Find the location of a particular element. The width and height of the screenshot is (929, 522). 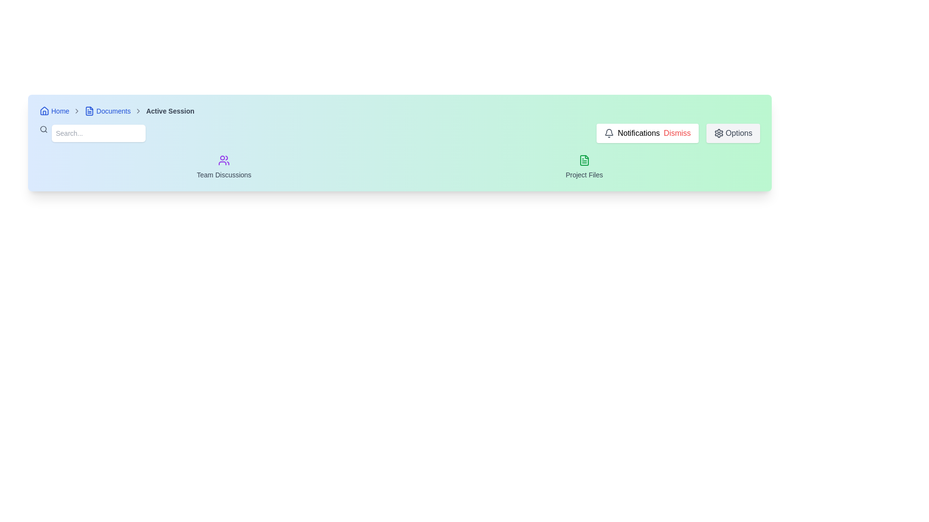

the chevron icon in the breadcrumb navigation bar that separates 'Home' and 'Documents' is located at coordinates (76, 111).